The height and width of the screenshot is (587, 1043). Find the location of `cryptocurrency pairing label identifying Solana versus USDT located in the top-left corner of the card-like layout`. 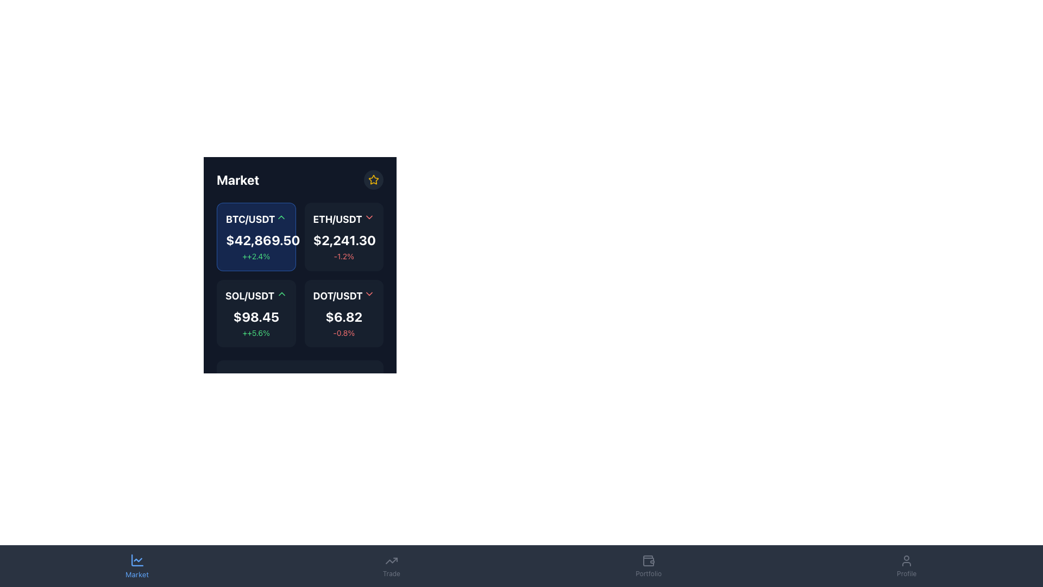

cryptocurrency pairing label identifying Solana versus USDT located in the top-left corner of the card-like layout is located at coordinates (249, 296).